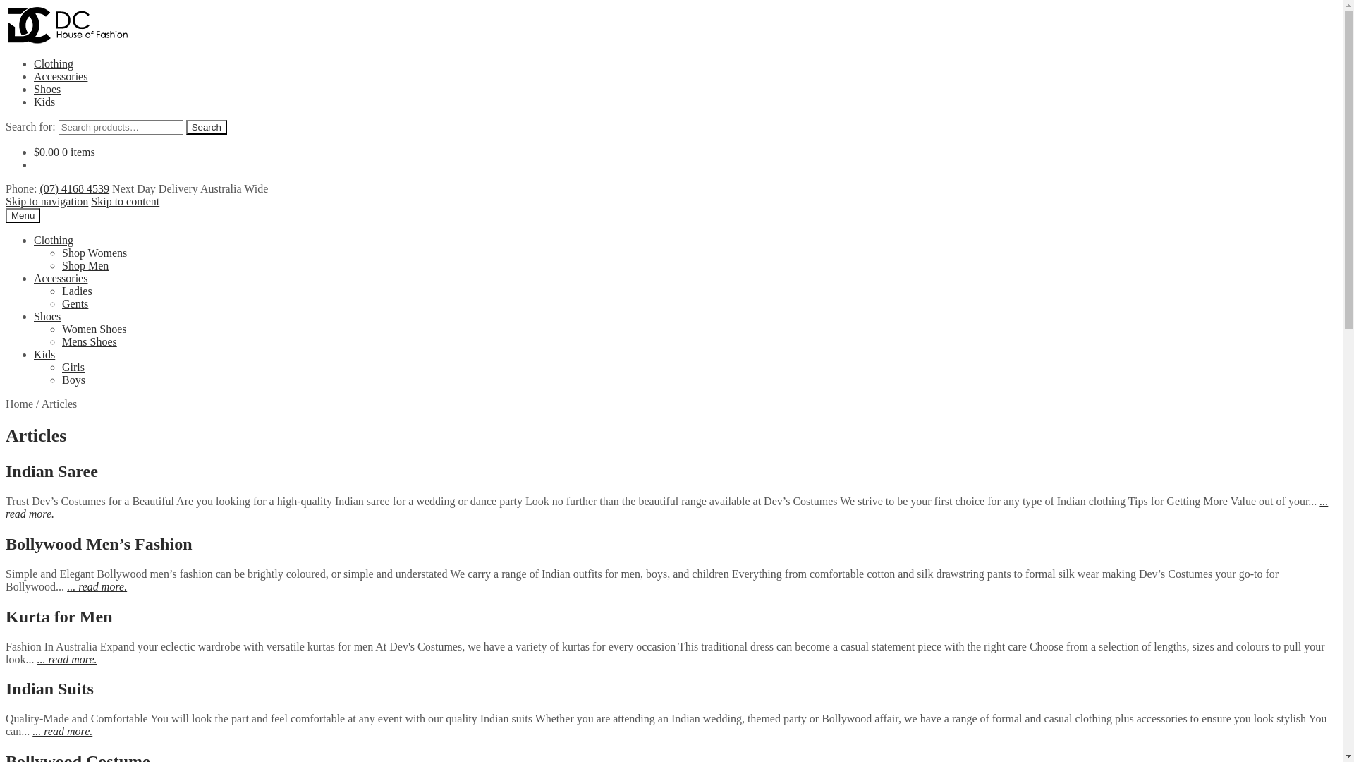 This screenshot has width=1354, height=762. What do you see at coordinates (63, 152) in the screenshot?
I see `'$0.00 0 items'` at bounding box center [63, 152].